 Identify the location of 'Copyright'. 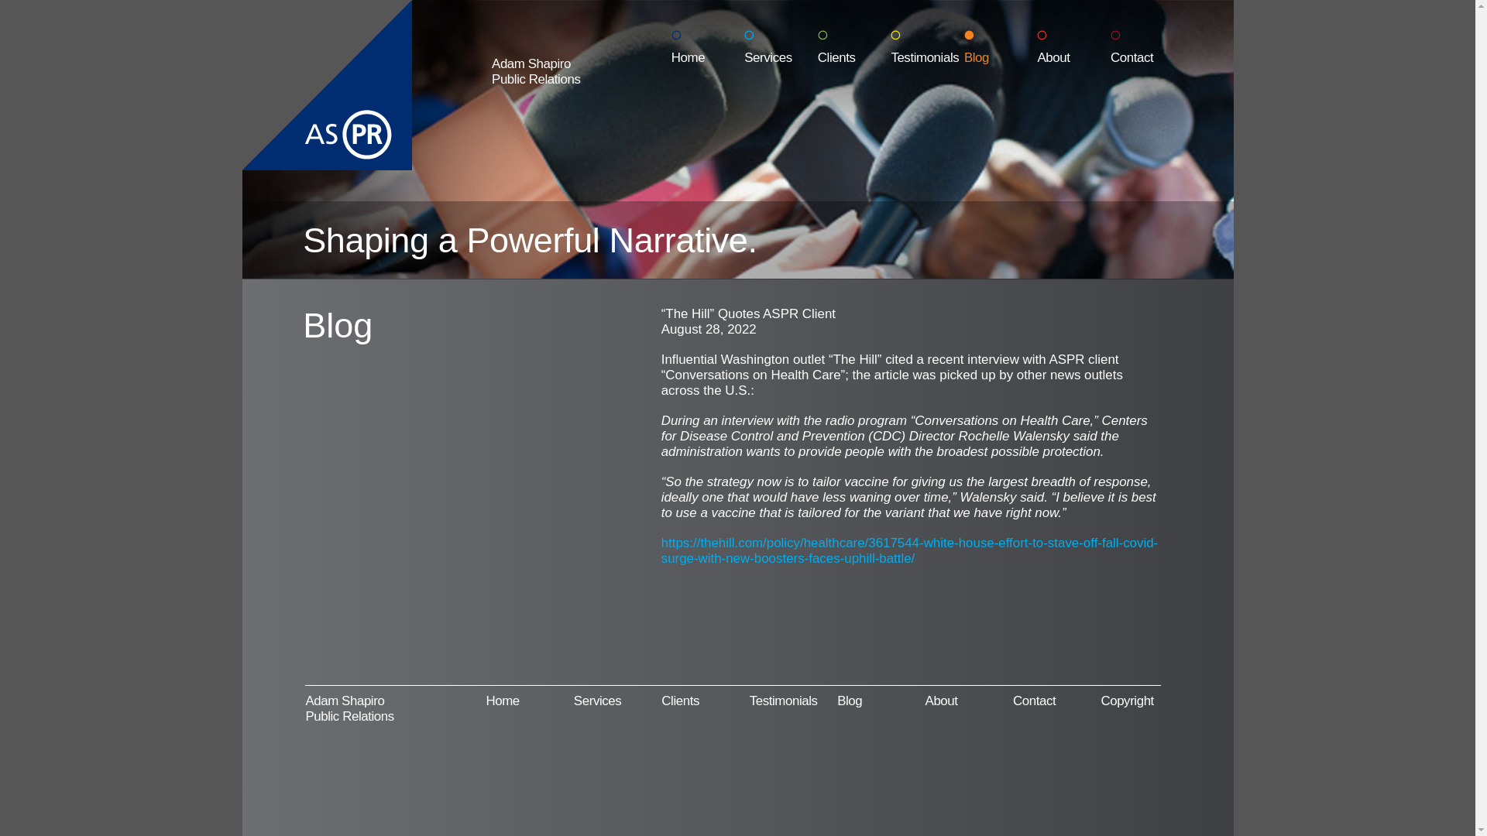
(1127, 701).